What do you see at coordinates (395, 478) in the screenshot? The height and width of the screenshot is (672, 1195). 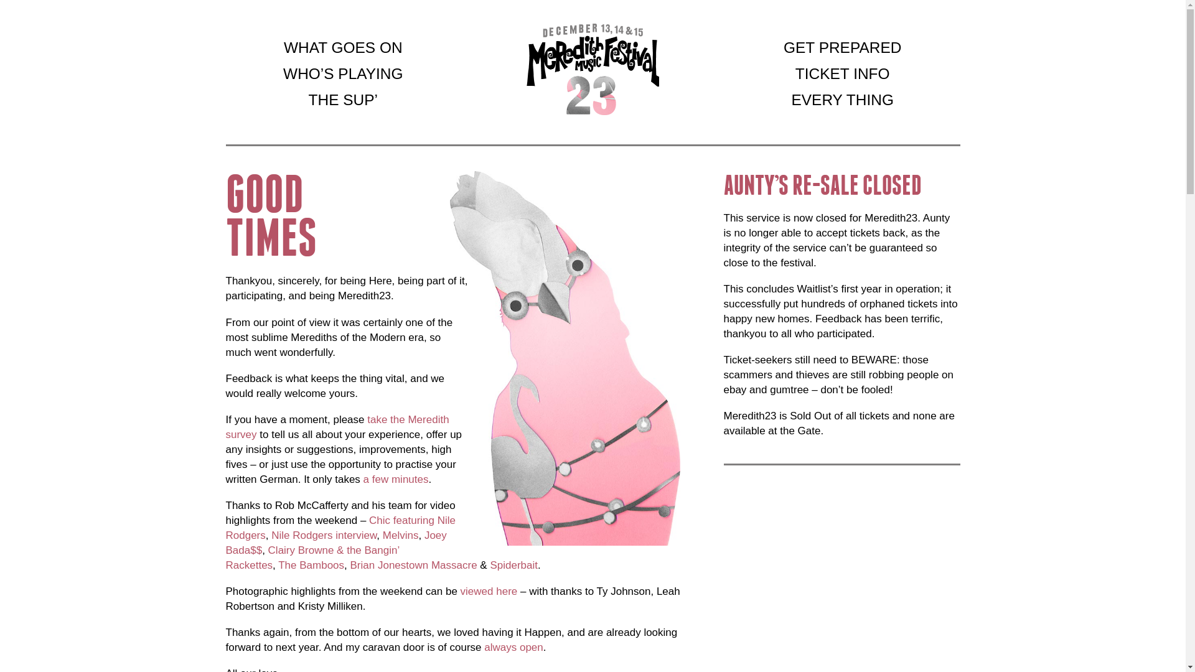 I see `'a few minutes'` at bounding box center [395, 478].